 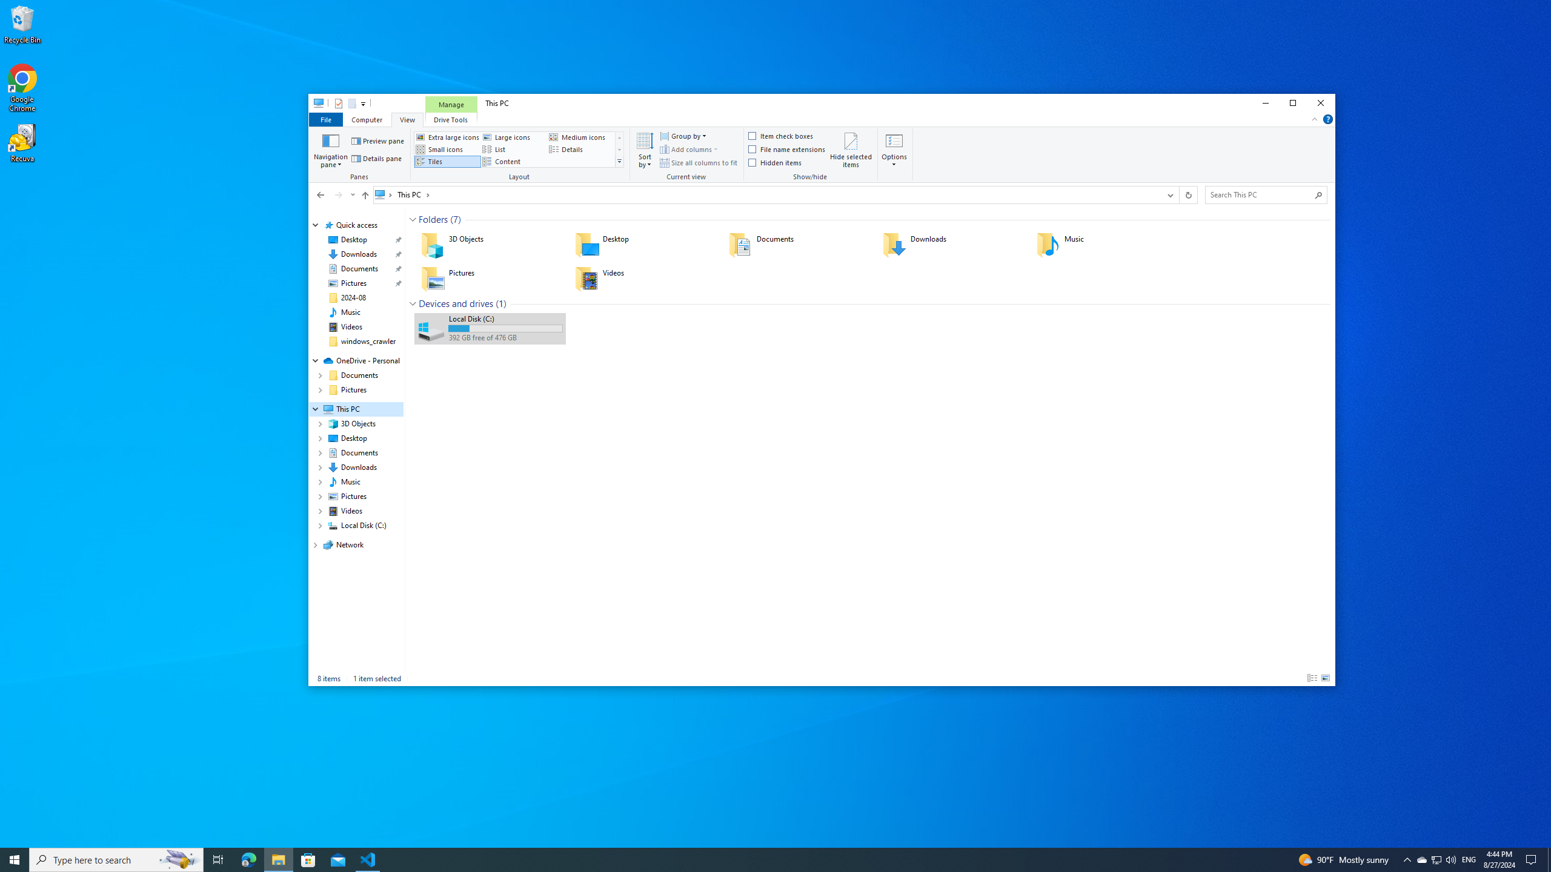 What do you see at coordinates (643, 278) in the screenshot?
I see `'Videos'` at bounding box center [643, 278].